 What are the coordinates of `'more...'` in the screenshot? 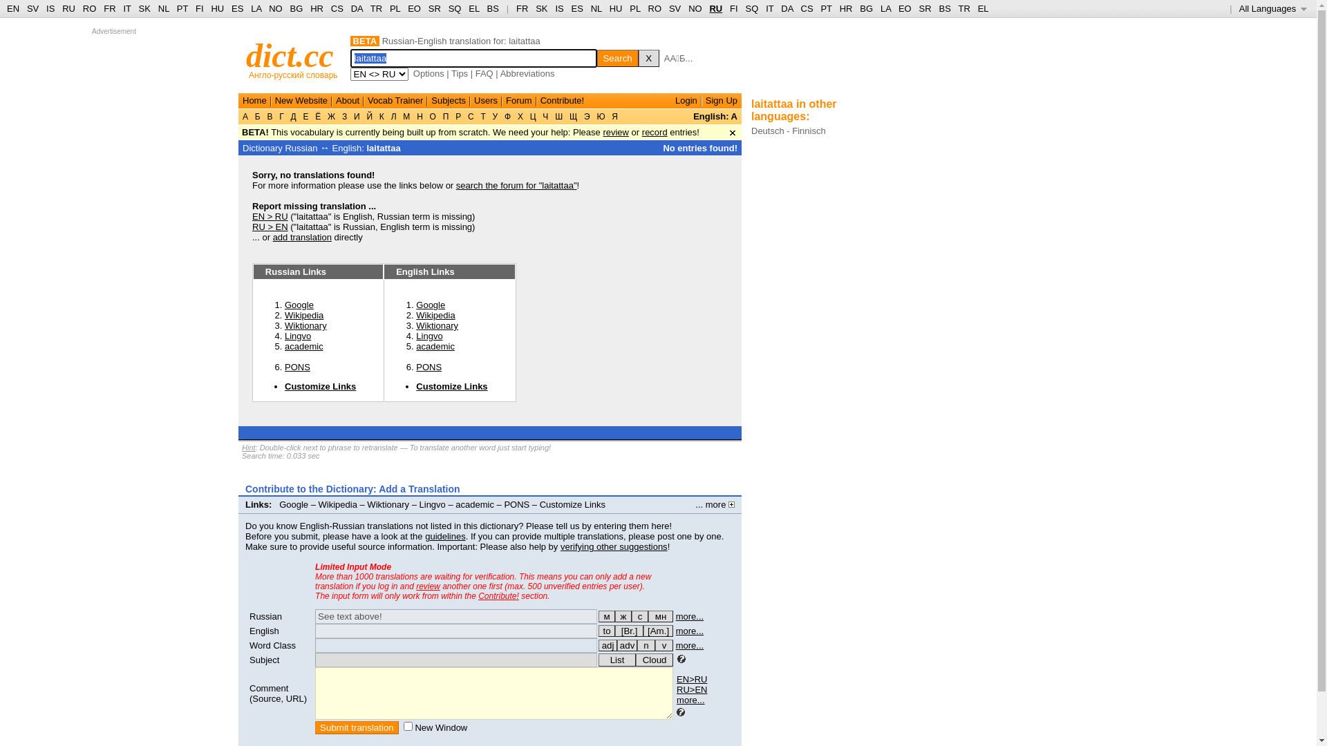 It's located at (690, 615).